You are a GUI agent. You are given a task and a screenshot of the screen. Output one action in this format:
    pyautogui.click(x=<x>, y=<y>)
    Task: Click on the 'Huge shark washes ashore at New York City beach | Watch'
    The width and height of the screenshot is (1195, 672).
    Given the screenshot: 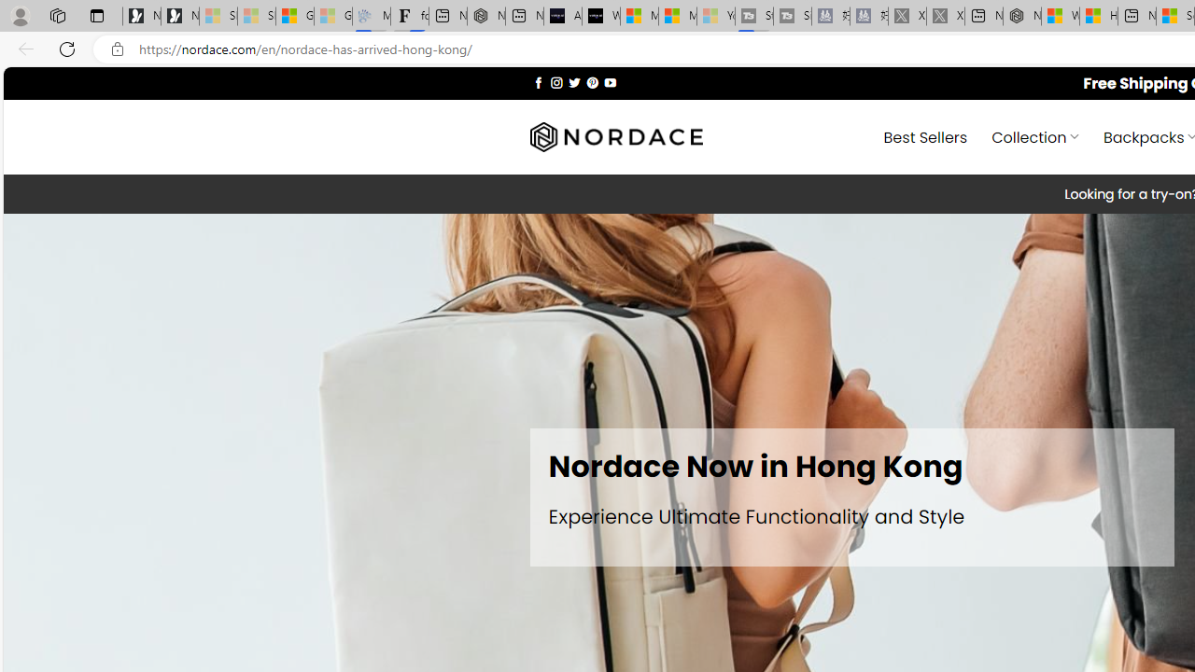 What is the action you would take?
    pyautogui.click(x=1098, y=16)
    